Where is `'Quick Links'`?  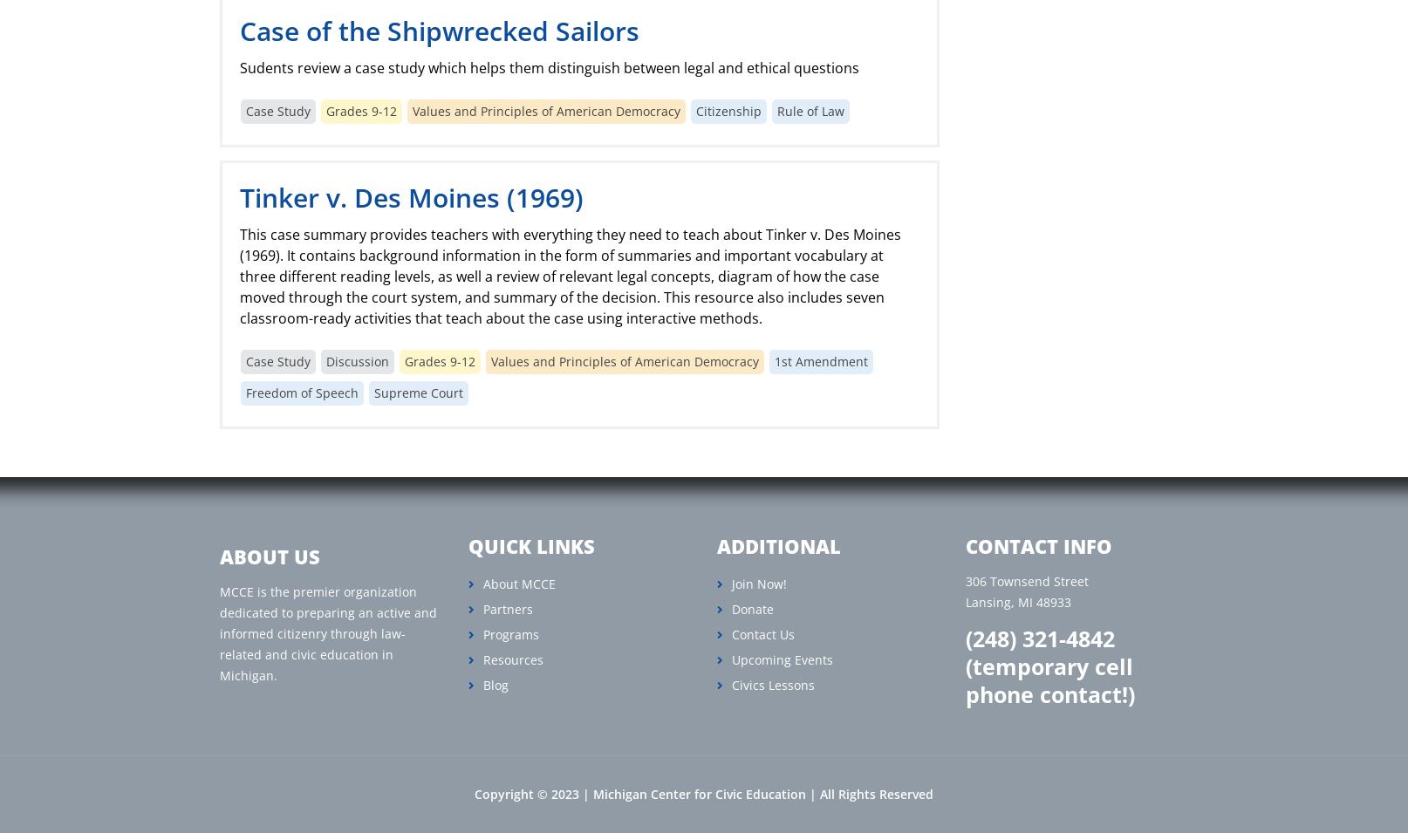 'Quick Links' is located at coordinates (530, 546).